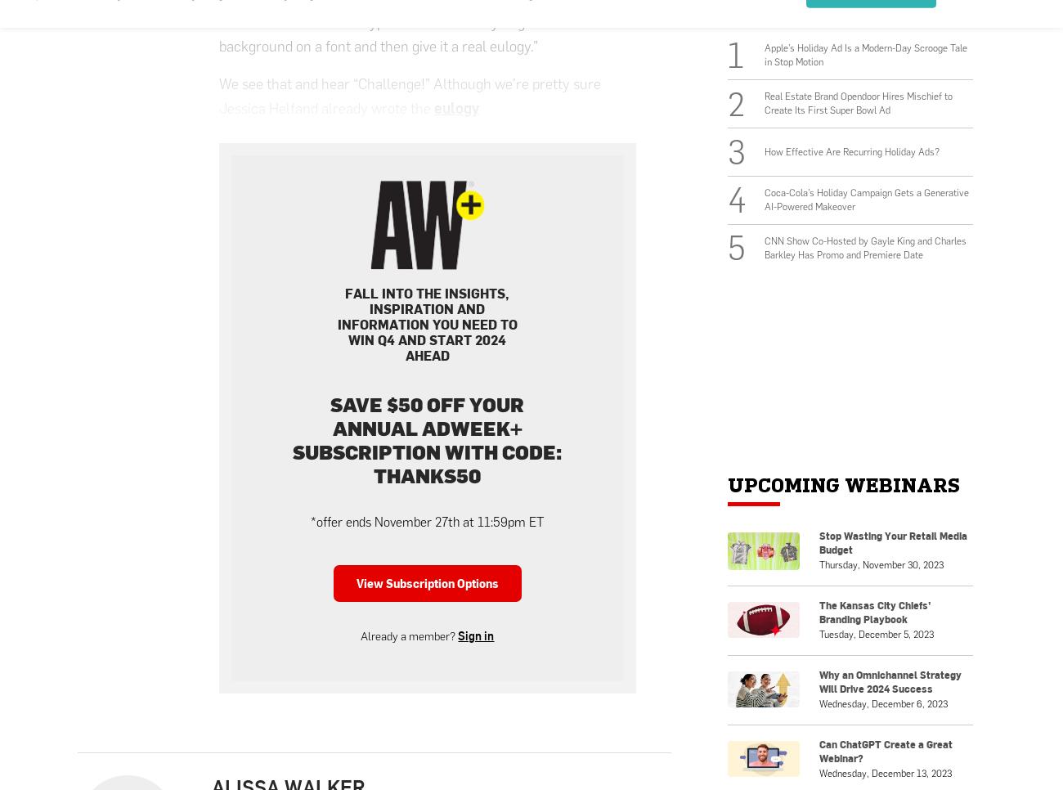 The image size is (1063, 790). Describe the element at coordinates (409, 635) in the screenshot. I see `'Already a member?'` at that location.